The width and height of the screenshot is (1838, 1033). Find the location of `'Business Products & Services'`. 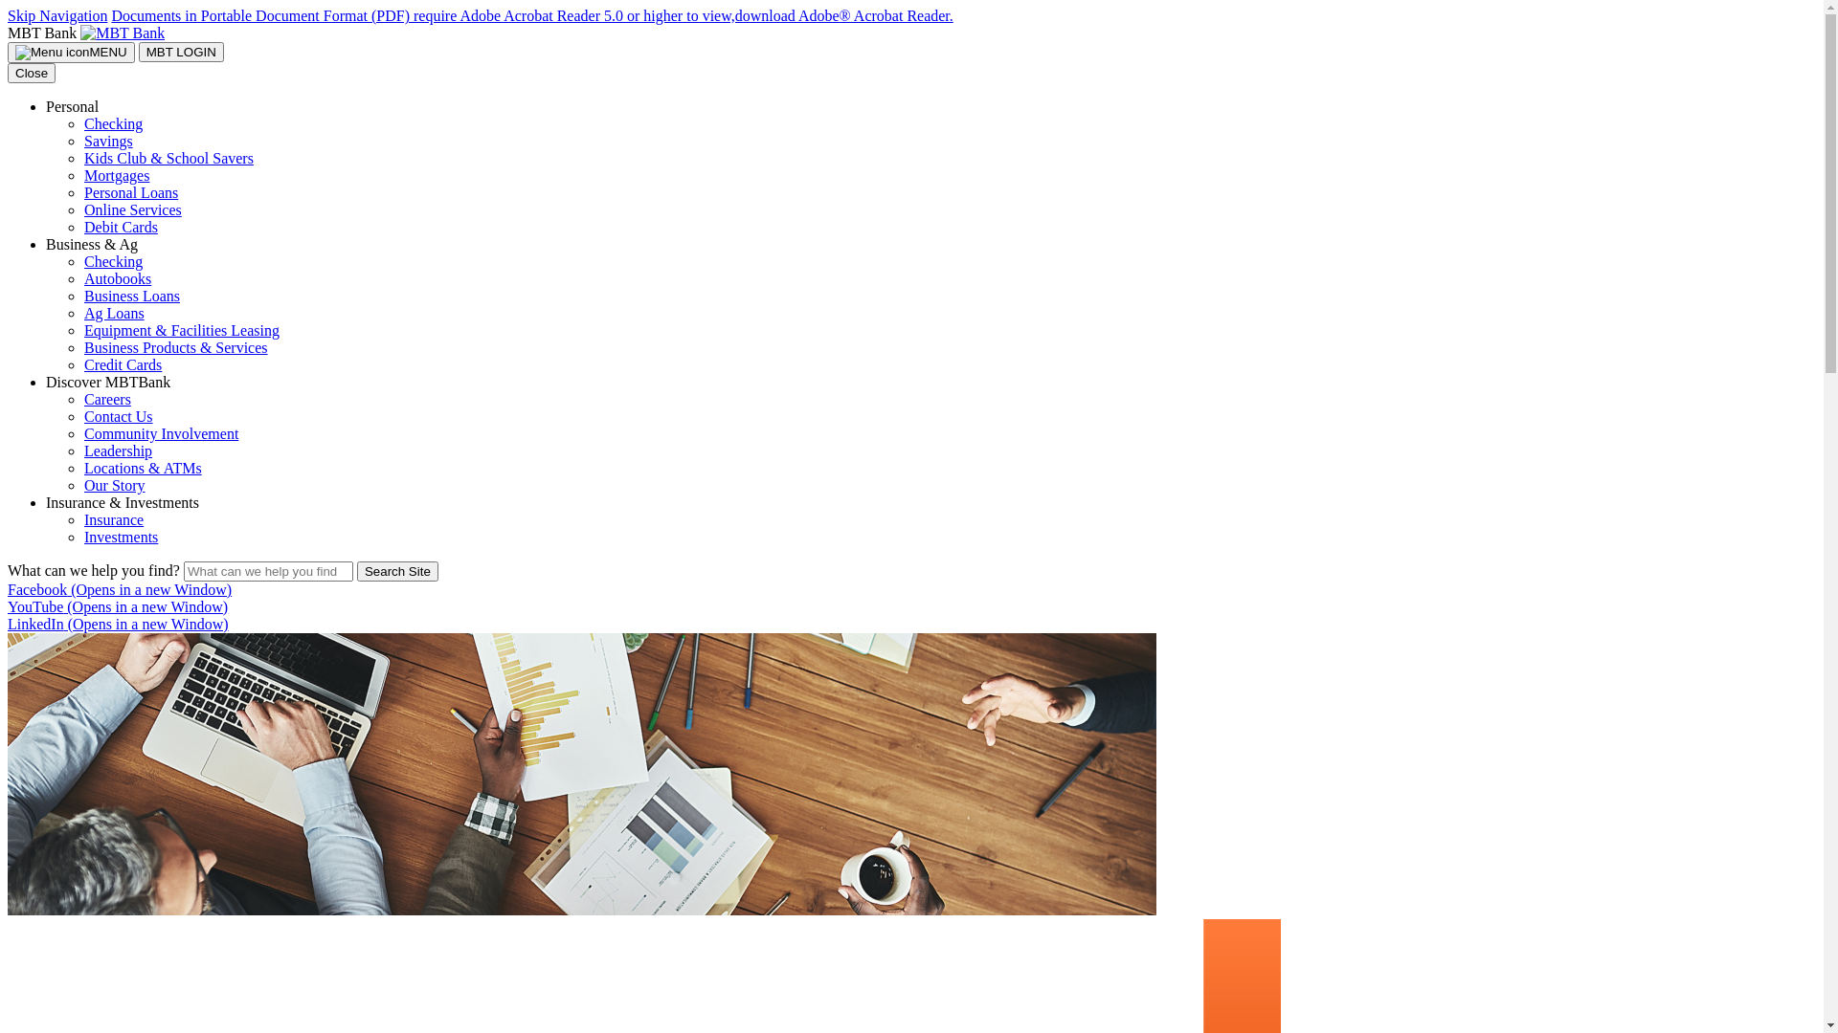

'Business Products & Services' is located at coordinates (175, 347).